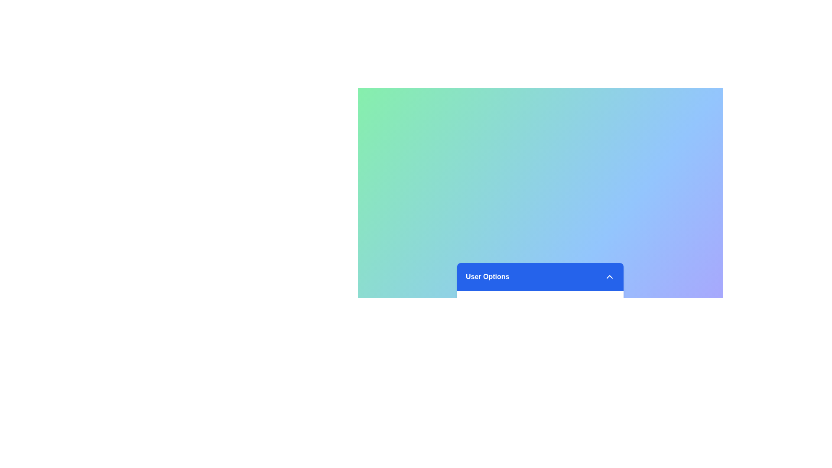 The image size is (832, 468). Describe the element at coordinates (540, 277) in the screenshot. I see `the menu header to toggle the menu` at that location.